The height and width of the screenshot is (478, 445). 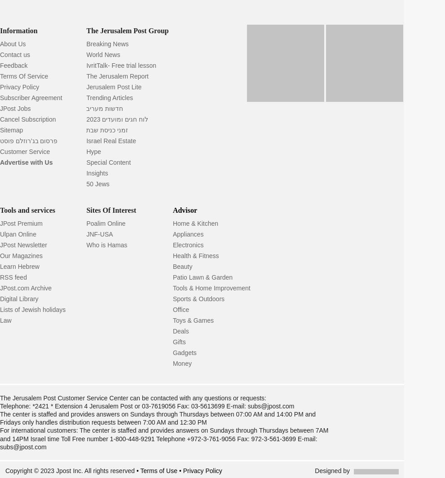 What do you see at coordinates (136, 470) in the screenshot?
I see `'• Terms of Use'` at bounding box center [136, 470].